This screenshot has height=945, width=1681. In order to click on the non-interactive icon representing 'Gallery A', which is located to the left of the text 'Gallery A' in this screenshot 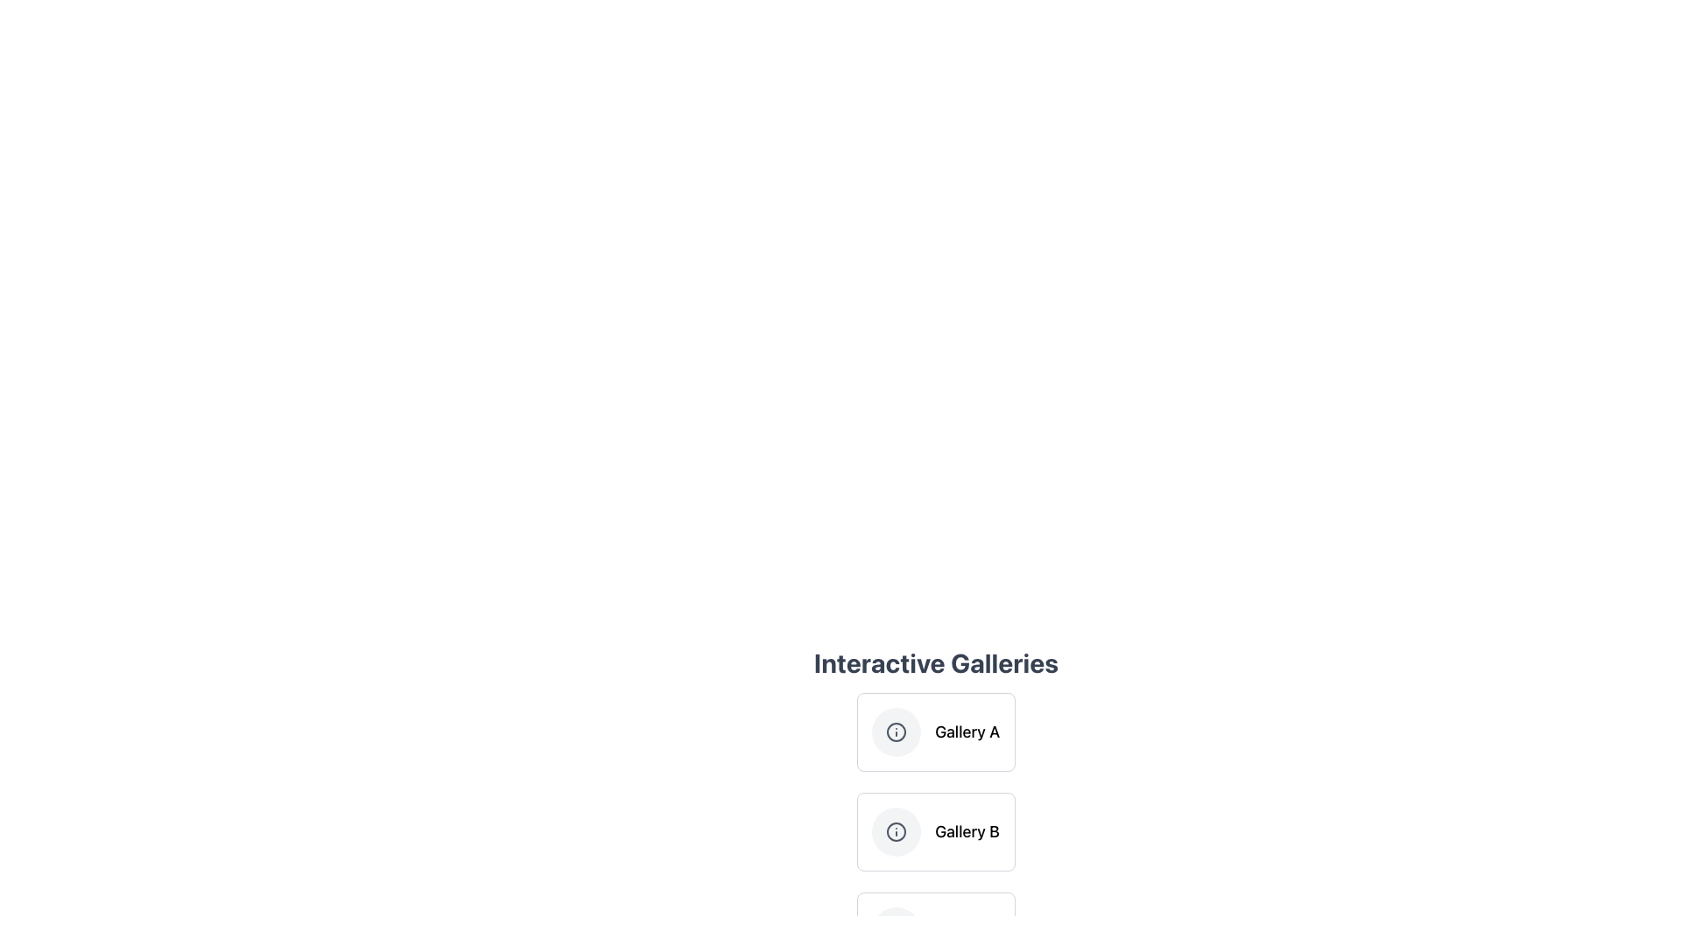, I will do `click(897, 732)`.